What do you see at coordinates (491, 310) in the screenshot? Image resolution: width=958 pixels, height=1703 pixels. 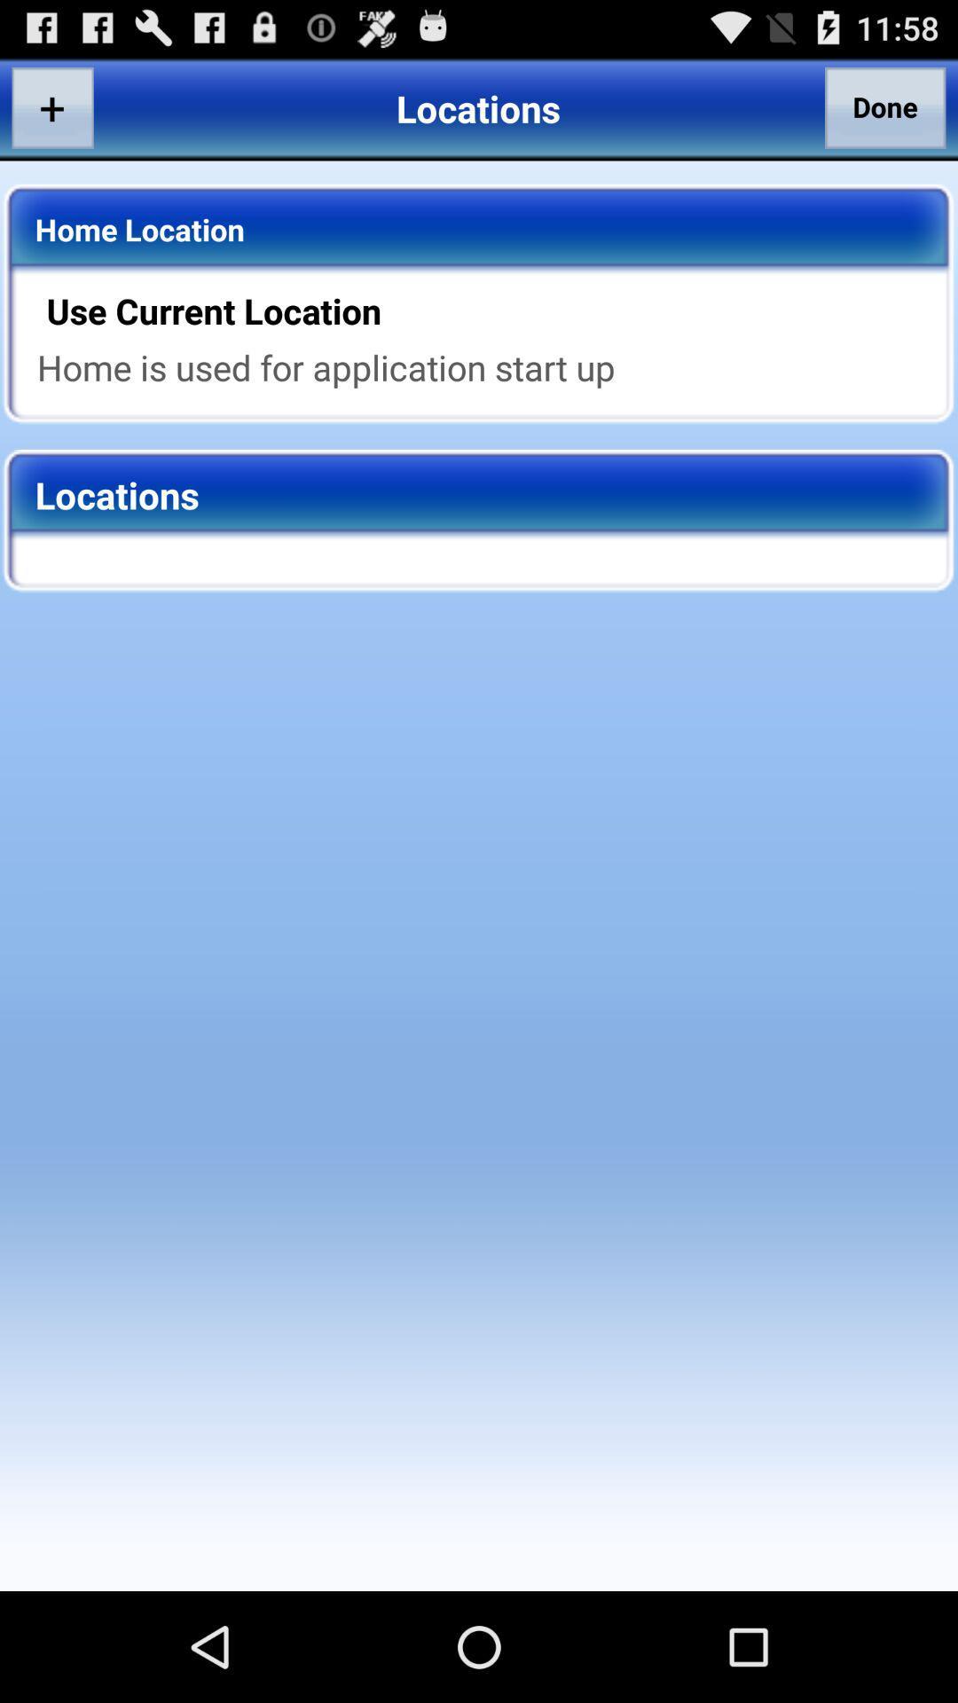 I see `the item above the home is used` at bounding box center [491, 310].